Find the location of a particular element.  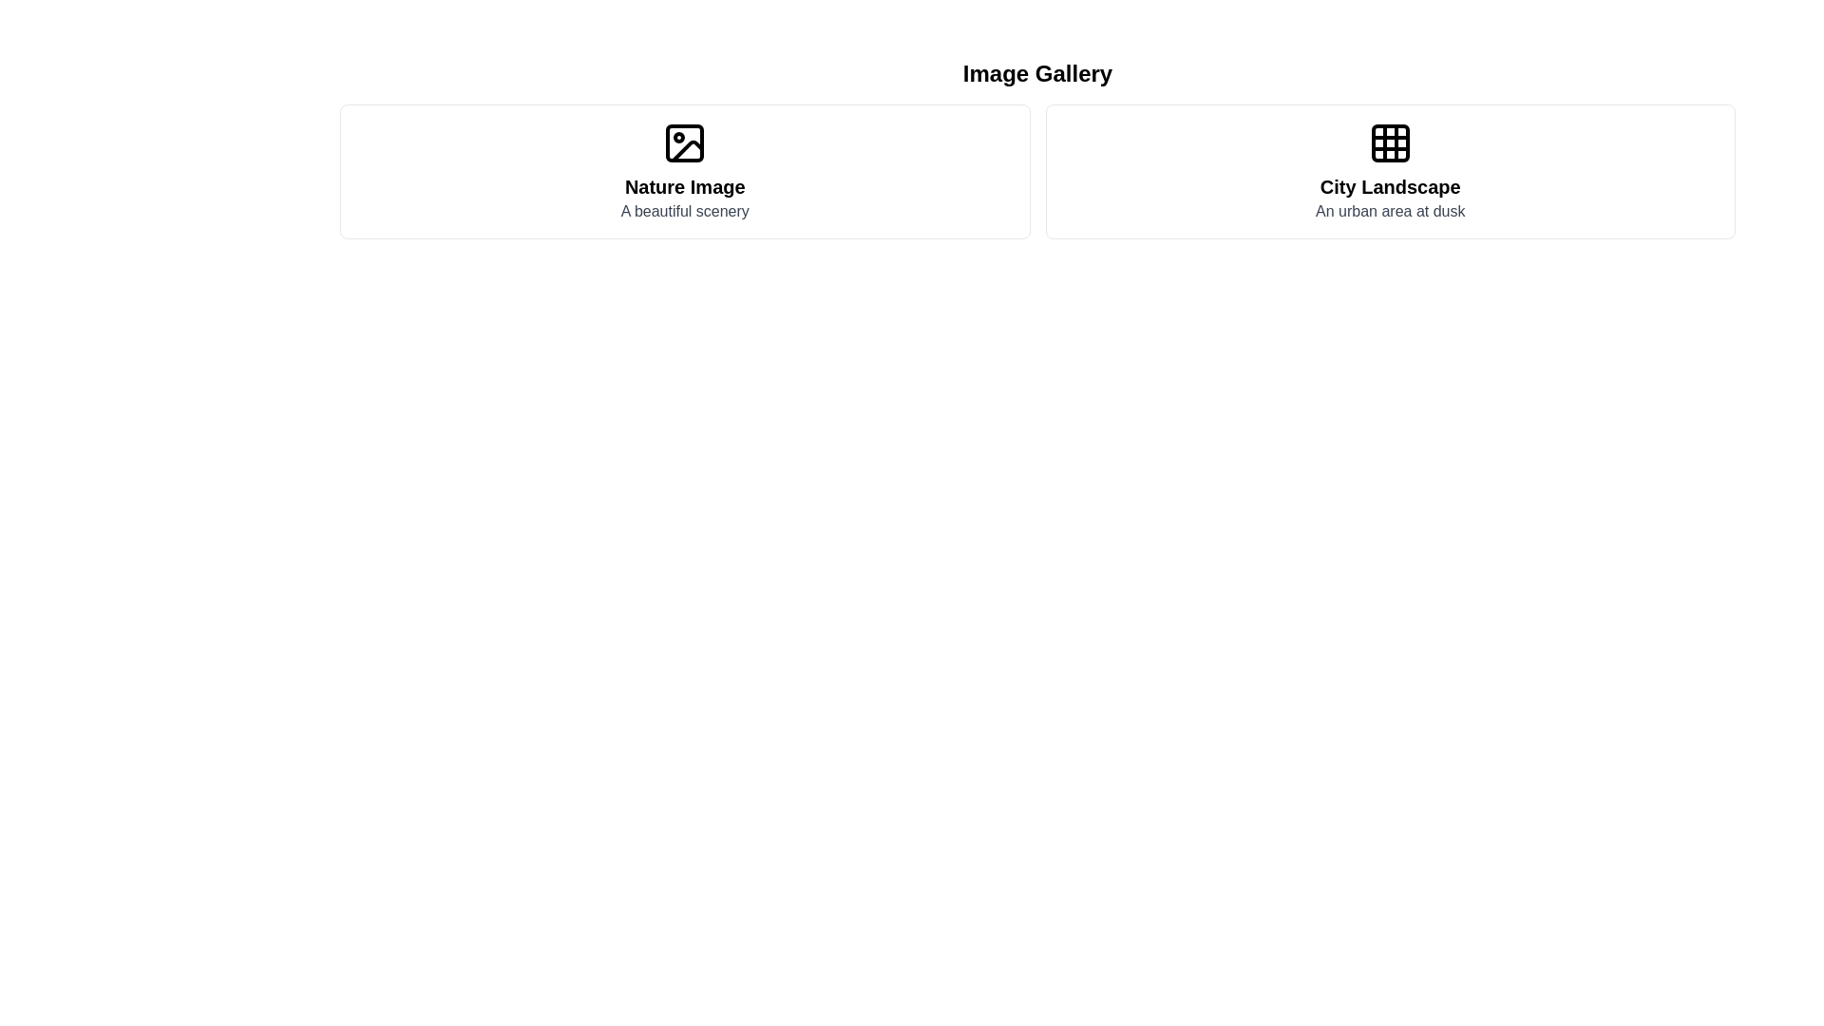

the image icon placeholder that is centered in the upper portion of the bordered card layout, which depicts an image representation with a monochrome, outlined design is located at coordinates (684, 142).